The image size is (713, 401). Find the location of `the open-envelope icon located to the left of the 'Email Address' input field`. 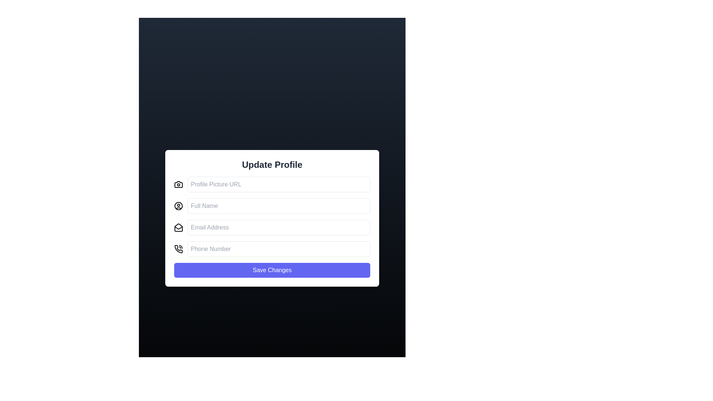

the open-envelope icon located to the left of the 'Email Address' input field is located at coordinates (178, 227).